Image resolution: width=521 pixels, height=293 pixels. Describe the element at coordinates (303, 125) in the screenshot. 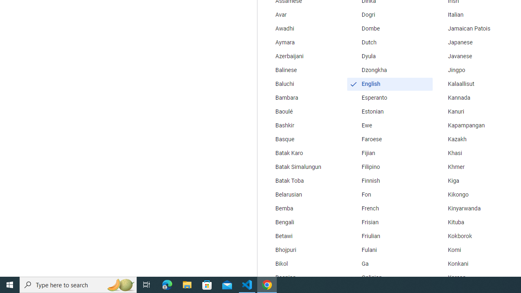

I see `'Bashkir'` at that location.